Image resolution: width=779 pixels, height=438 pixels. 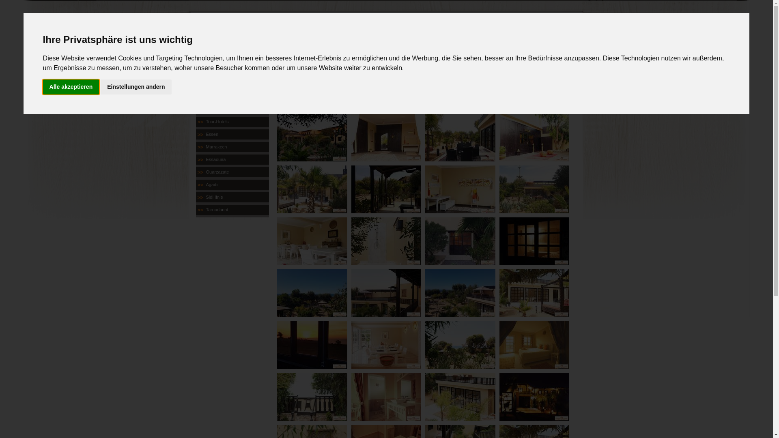 What do you see at coordinates (231, 159) in the screenshot?
I see `'Essaouira'` at bounding box center [231, 159].